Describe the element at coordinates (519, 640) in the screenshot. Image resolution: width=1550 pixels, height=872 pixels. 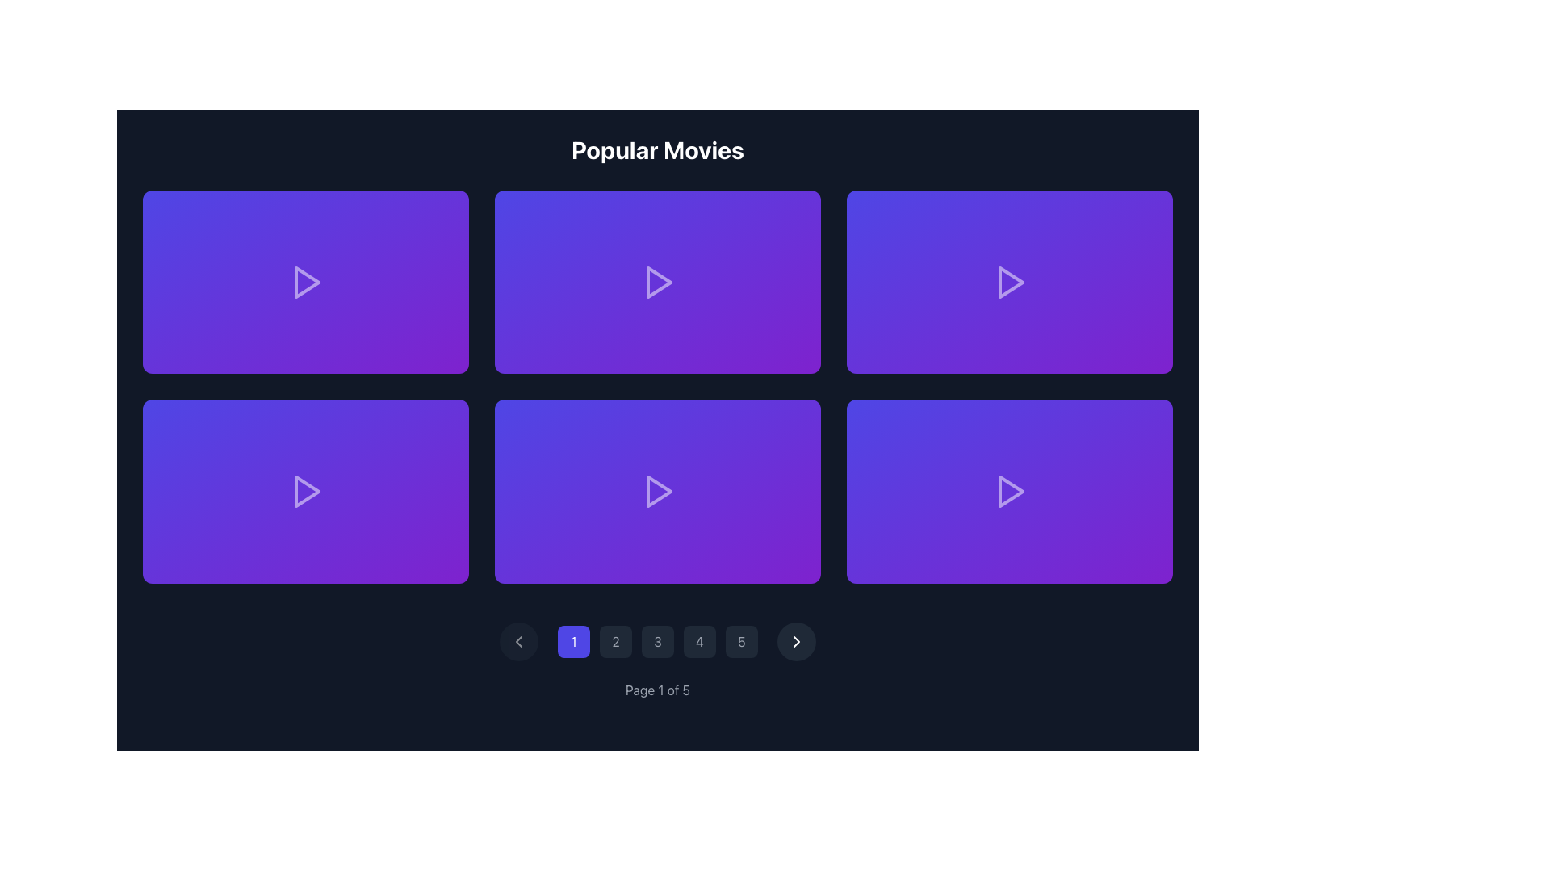
I see `the left-facing chevron icon within the circular button located in the pagination control area` at that location.